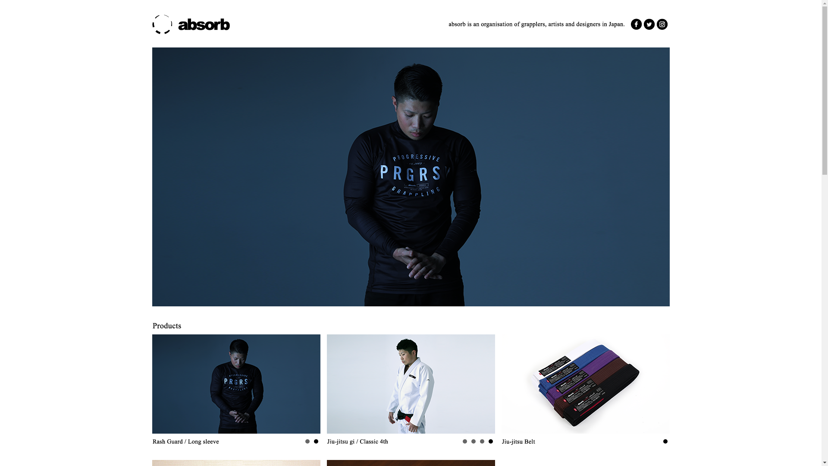 Image resolution: width=828 pixels, height=466 pixels. Describe the element at coordinates (163, 384) in the screenshot. I see `'Prev'` at that location.